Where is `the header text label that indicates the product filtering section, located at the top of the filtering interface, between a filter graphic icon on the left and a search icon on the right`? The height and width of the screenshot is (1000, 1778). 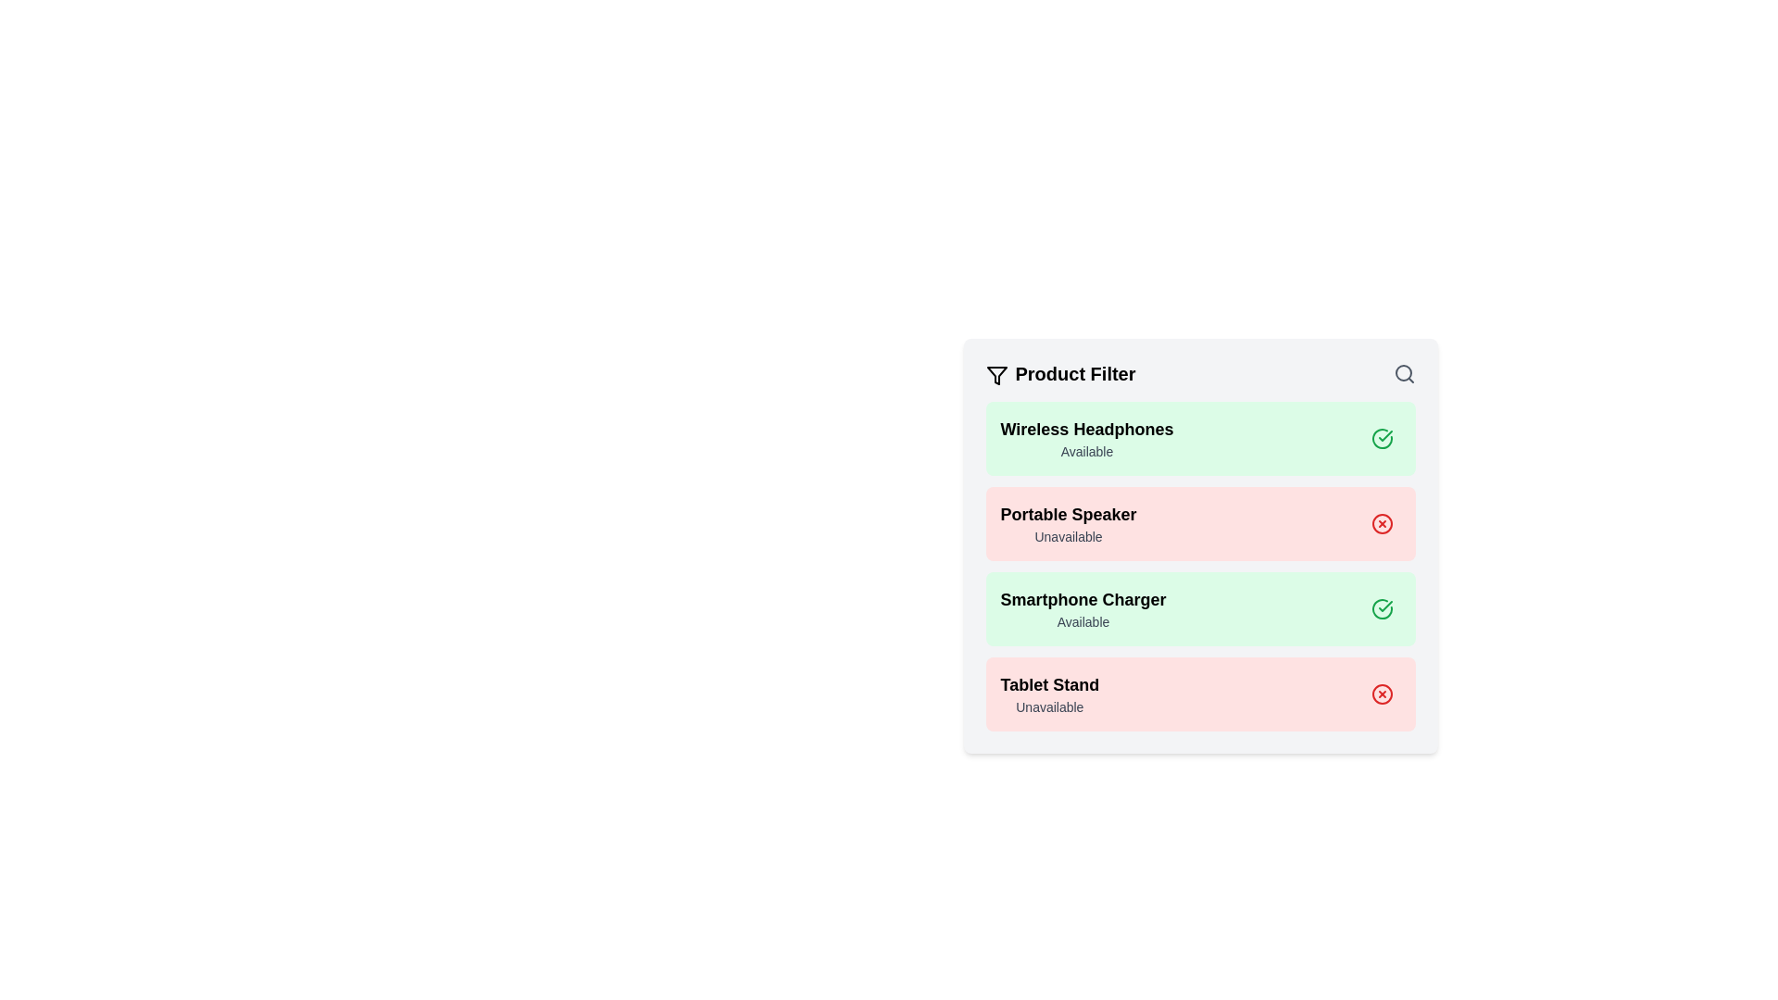
the header text label that indicates the product filtering section, located at the top of the filtering interface, between a filter graphic icon on the left and a search icon on the right is located at coordinates (1060, 374).